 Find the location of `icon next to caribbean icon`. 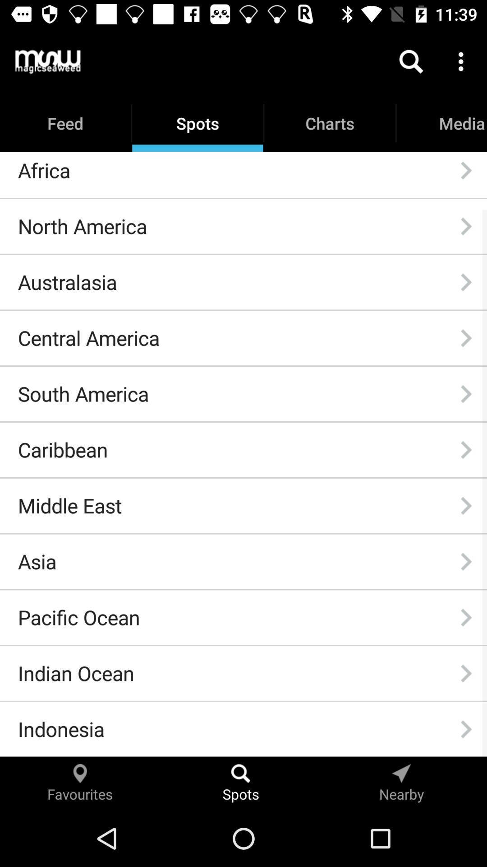

icon next to caribbean icon is located at coordinates (466, 450).